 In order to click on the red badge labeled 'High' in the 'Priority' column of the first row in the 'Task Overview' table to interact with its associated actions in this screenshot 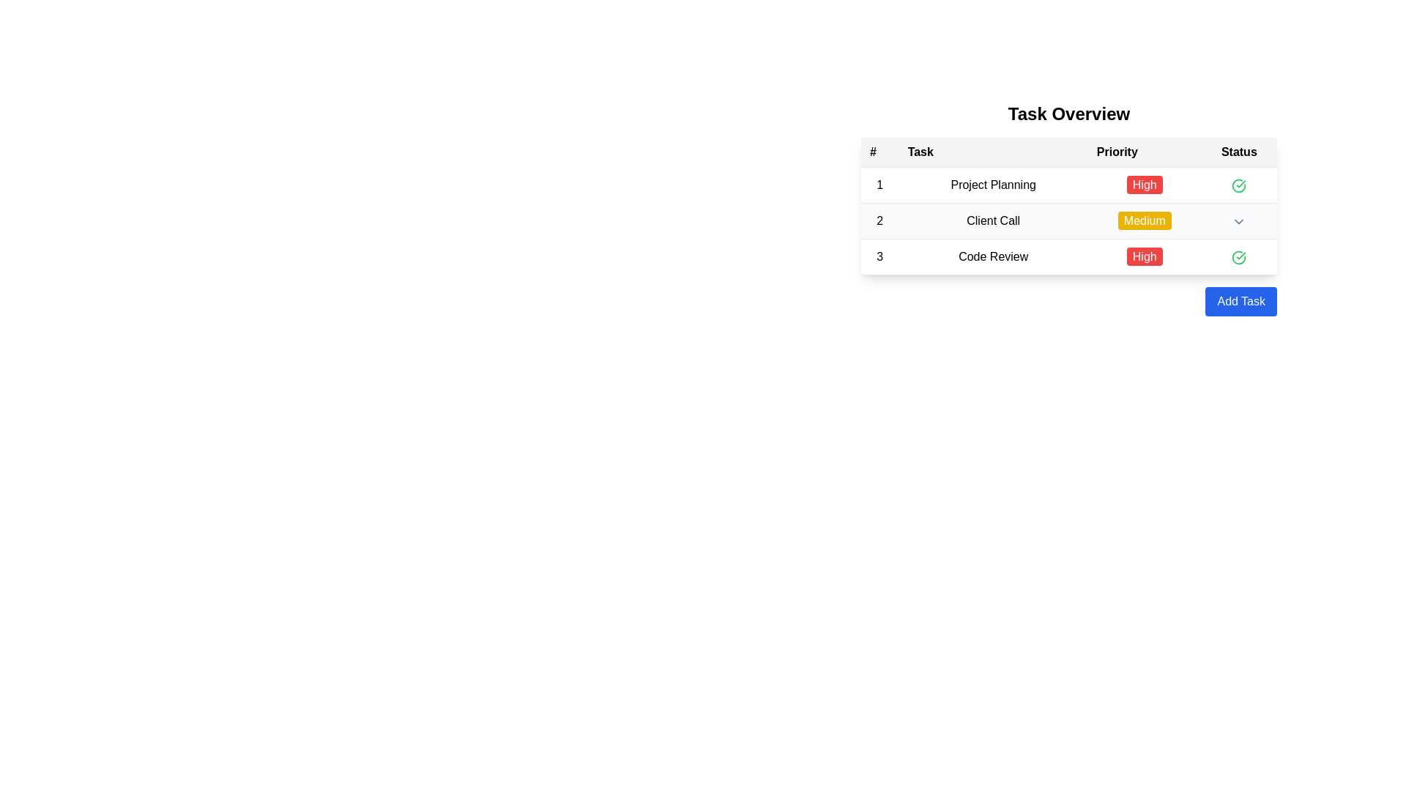, I will do `click(1144, 185)`.